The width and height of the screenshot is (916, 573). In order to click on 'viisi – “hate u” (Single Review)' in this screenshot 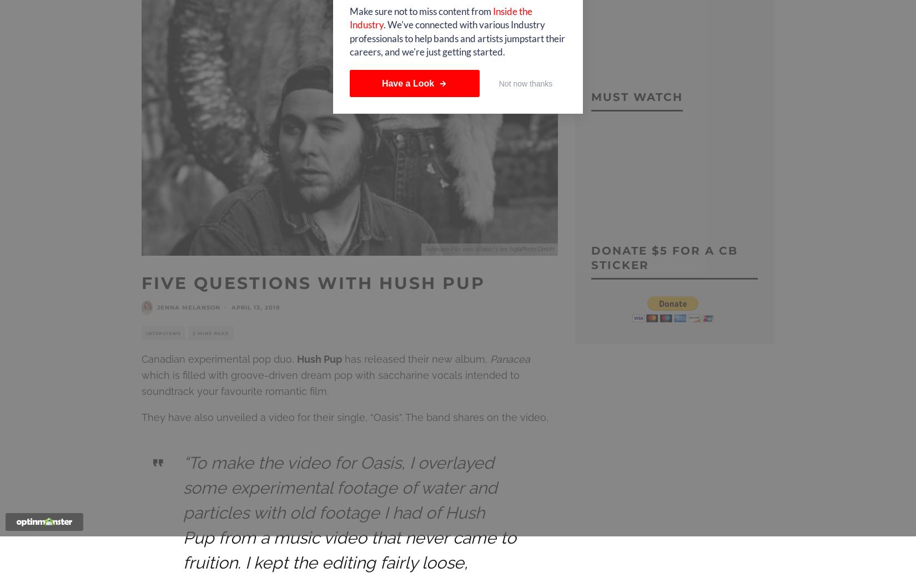, I will do `click(457, 11)`.